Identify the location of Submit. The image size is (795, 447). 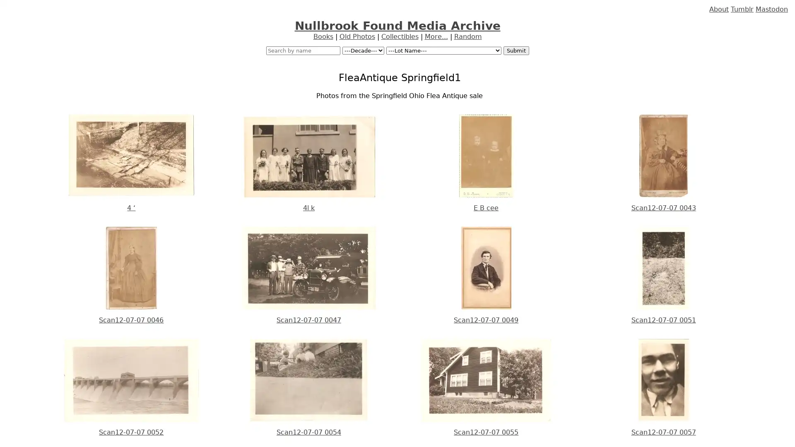
(516, 50).